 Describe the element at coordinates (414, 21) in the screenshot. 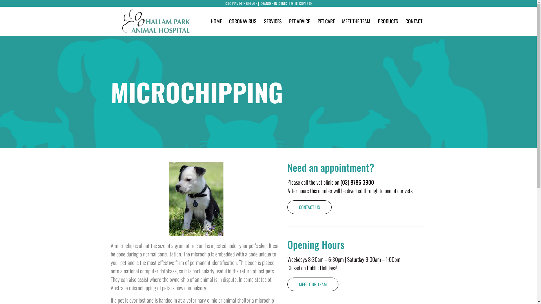

I see `'CONTACT'` at that location.